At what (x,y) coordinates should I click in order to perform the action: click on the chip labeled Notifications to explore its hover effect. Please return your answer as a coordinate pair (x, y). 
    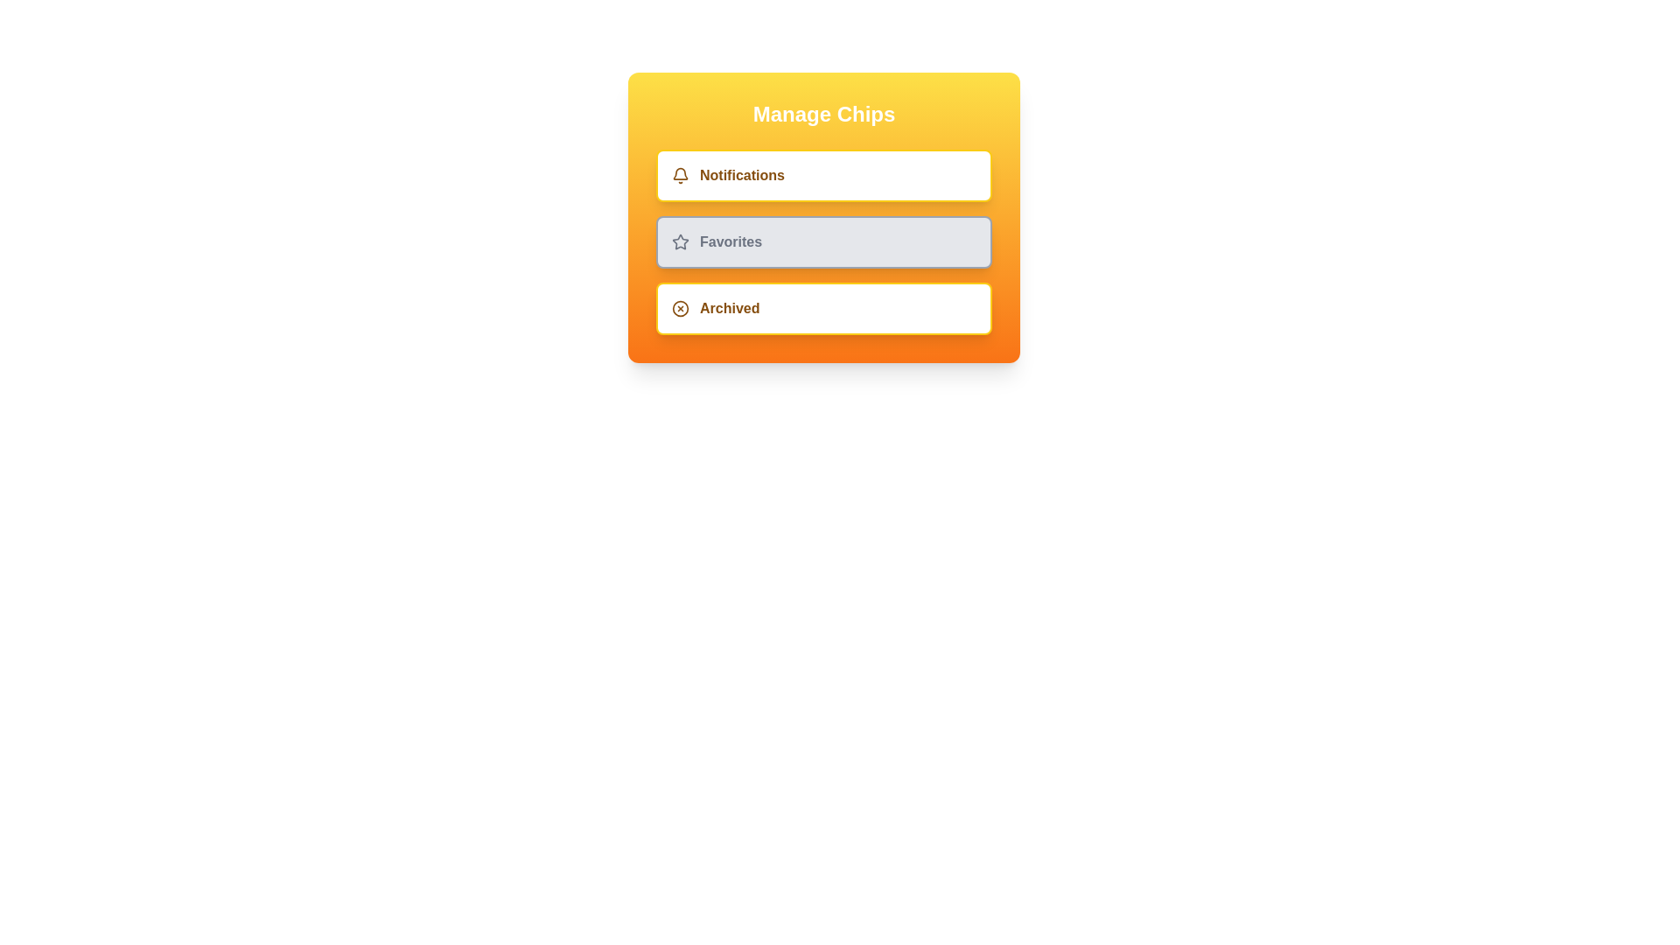
    Looking at the image, I should click on (822, 175).